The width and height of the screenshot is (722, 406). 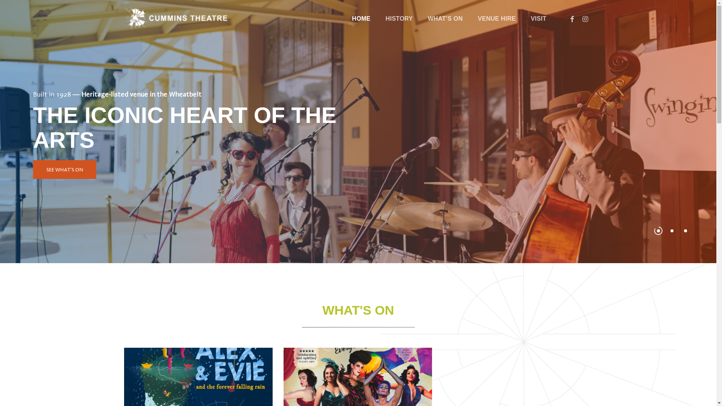 What do you see at coordinates (65, 170) in the screenshot?
I see `'SEE WHAT'S ON'` at bounding box center [65, 170].